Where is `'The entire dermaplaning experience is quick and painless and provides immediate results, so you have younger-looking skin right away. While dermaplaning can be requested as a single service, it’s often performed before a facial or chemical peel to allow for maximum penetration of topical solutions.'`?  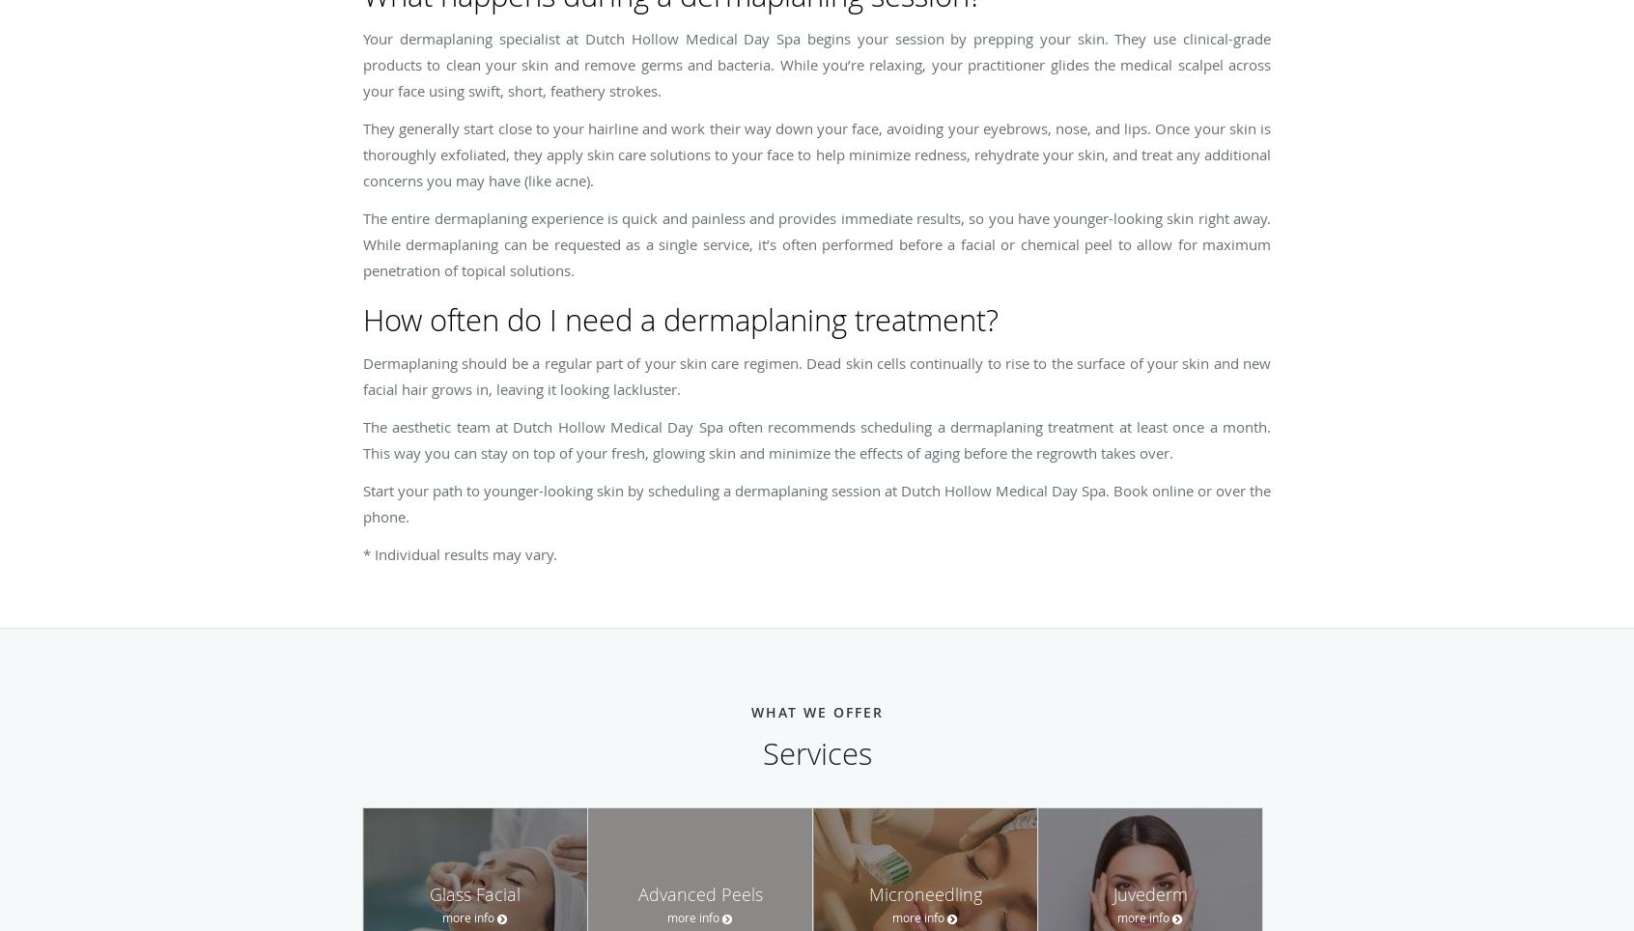 'The entire dermaplaning experience is quick and painless and provides immediate results, so you have younger-looking skin right away. While dermaplaning can be requested as a single service, it’s often performed before a facial or chemical peel to allow for maximum penetration of topical solutions.' is located at coordinates (817, 242).